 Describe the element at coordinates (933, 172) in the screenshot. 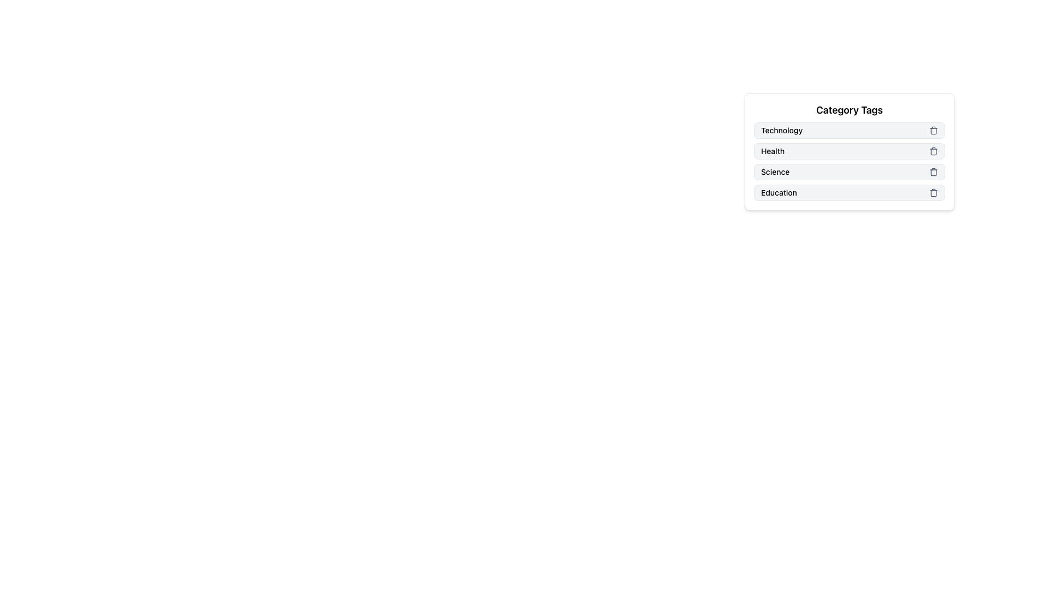

I see `the outlined gray trash can icon` at that location.